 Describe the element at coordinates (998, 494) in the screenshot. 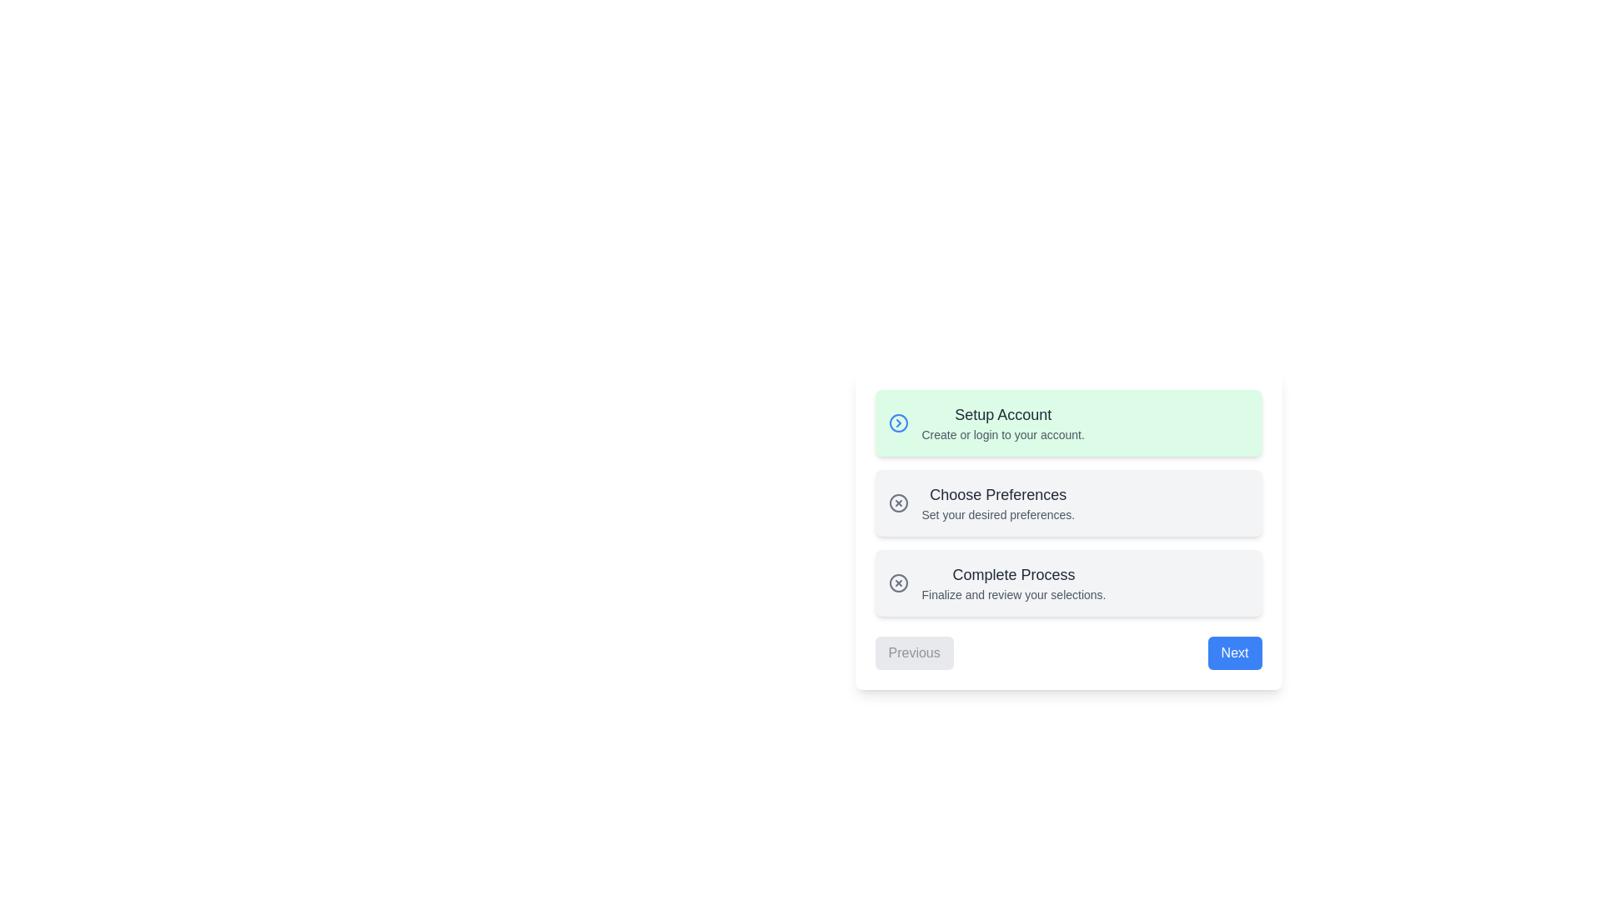

I see `the 'Choose Preferences' section header label, which is centrally located between the 'Setup Account' and 'Complete Process' sections` at that location.